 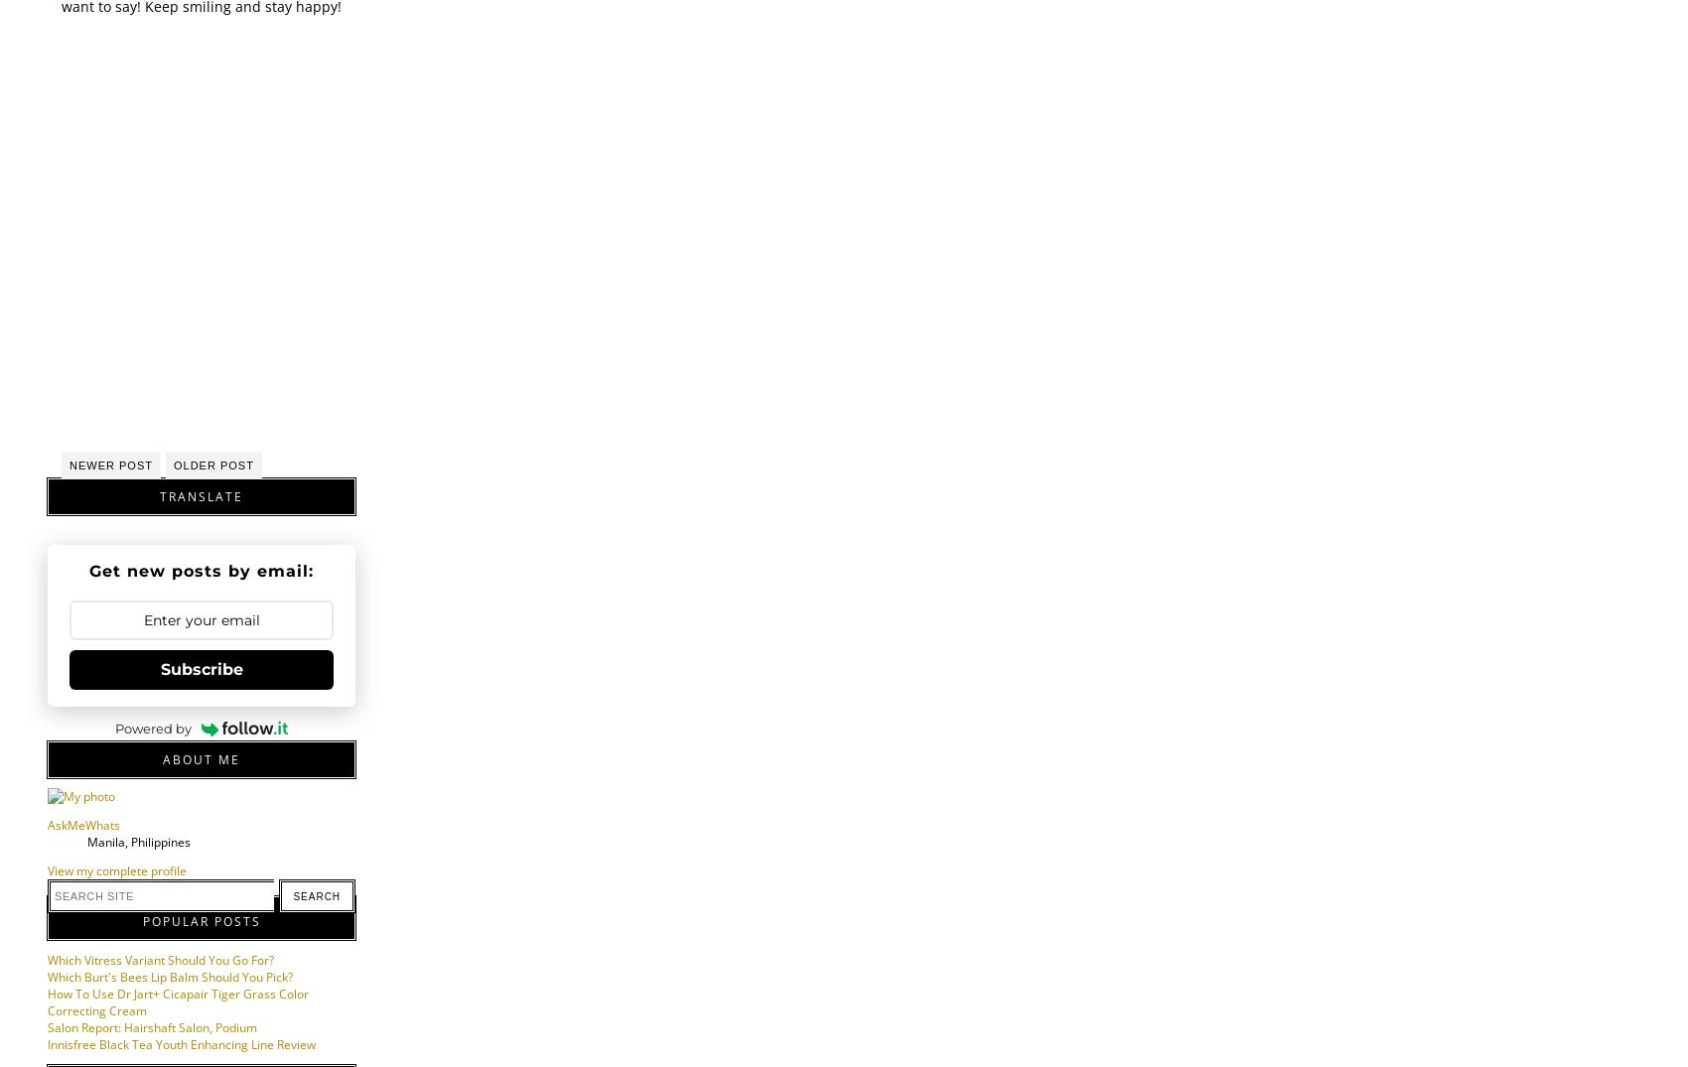 What do you see at coordinates (200, 495) in the screenshot?
I see `'Translate'` at bounding box center [200, 495].